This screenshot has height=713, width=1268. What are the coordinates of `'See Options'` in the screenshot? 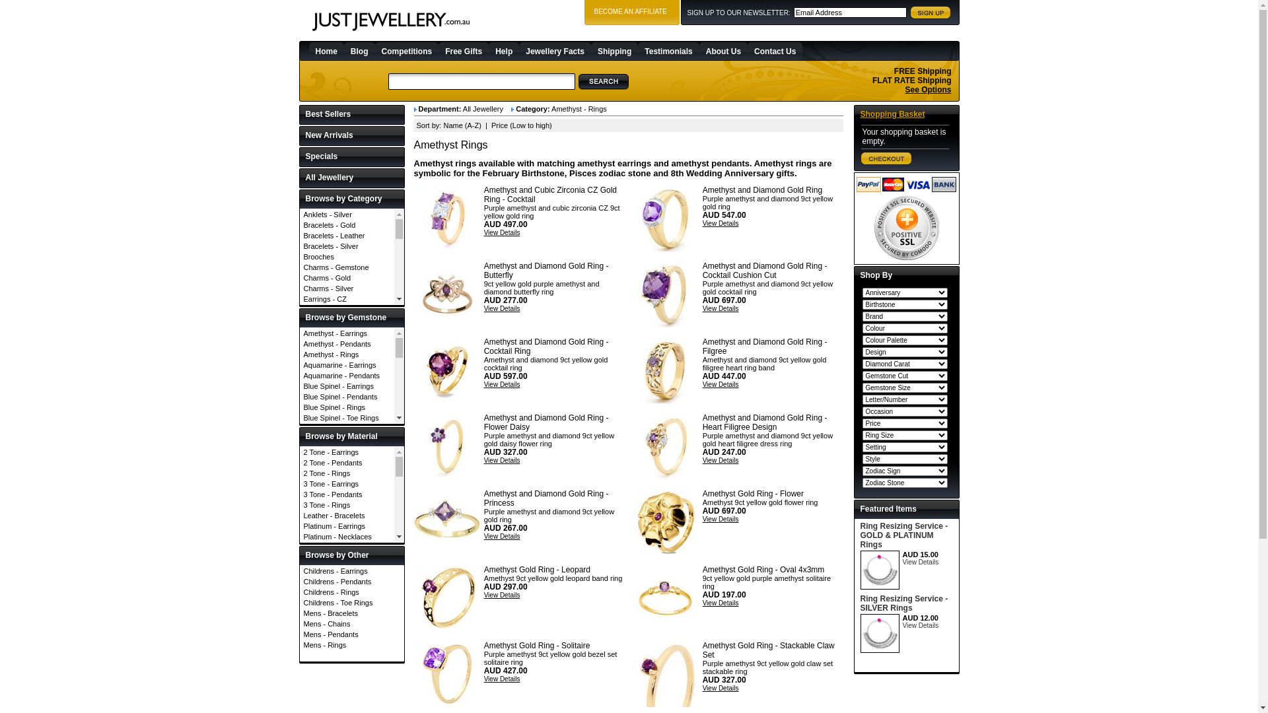 It's located at (927, 89).